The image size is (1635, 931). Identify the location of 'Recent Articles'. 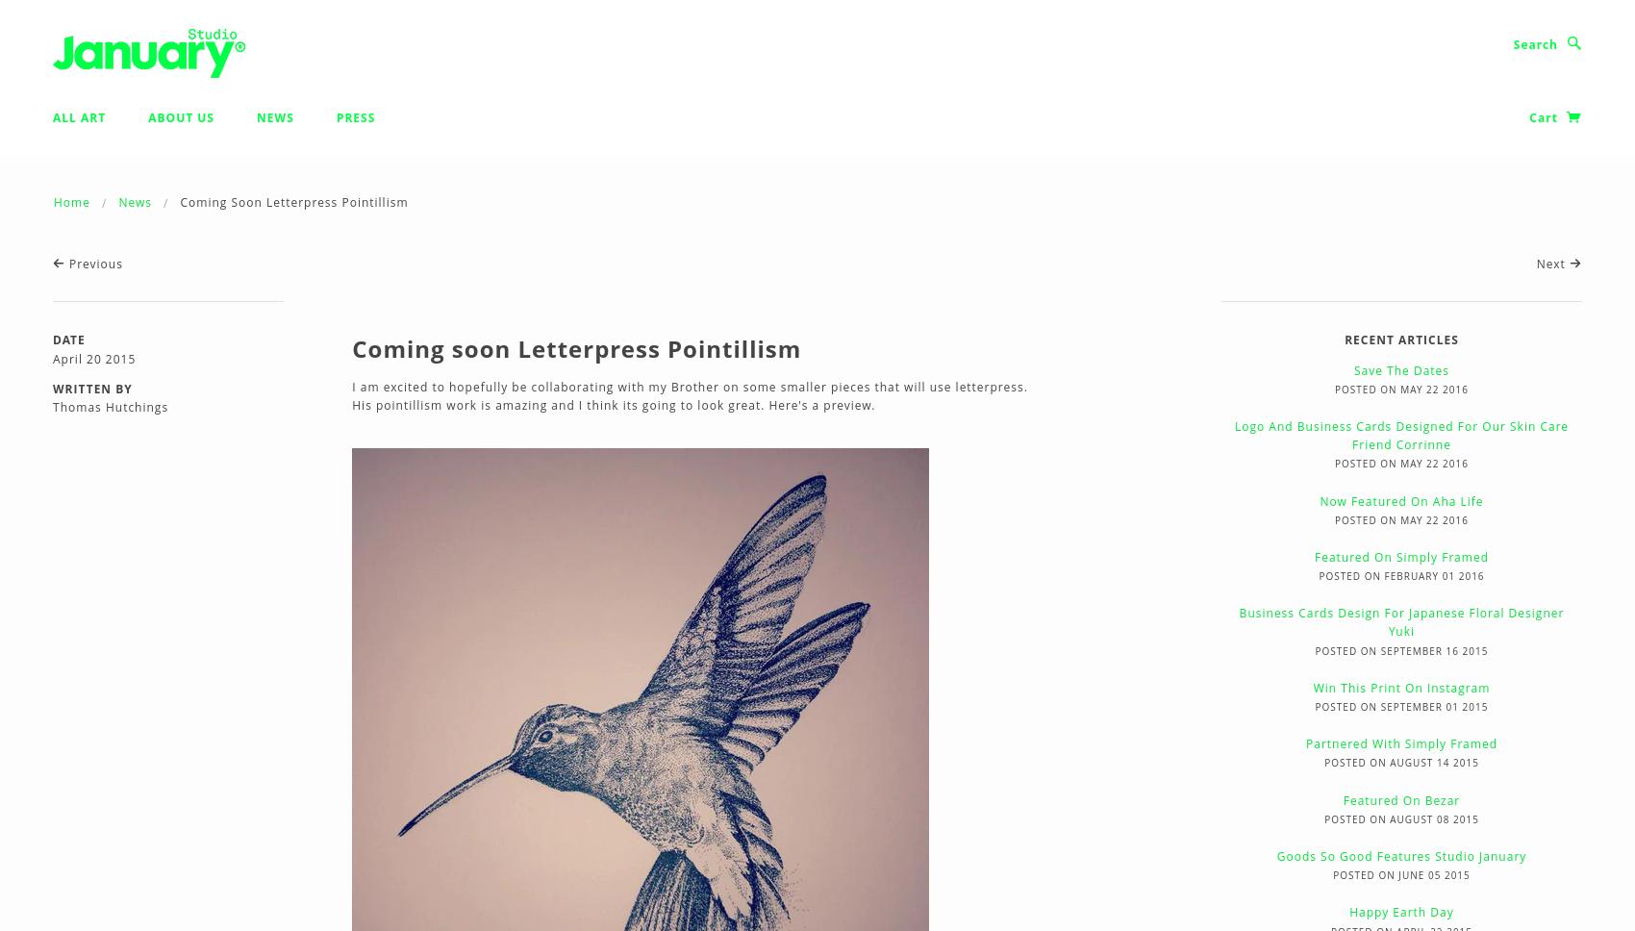
(1400, 340).